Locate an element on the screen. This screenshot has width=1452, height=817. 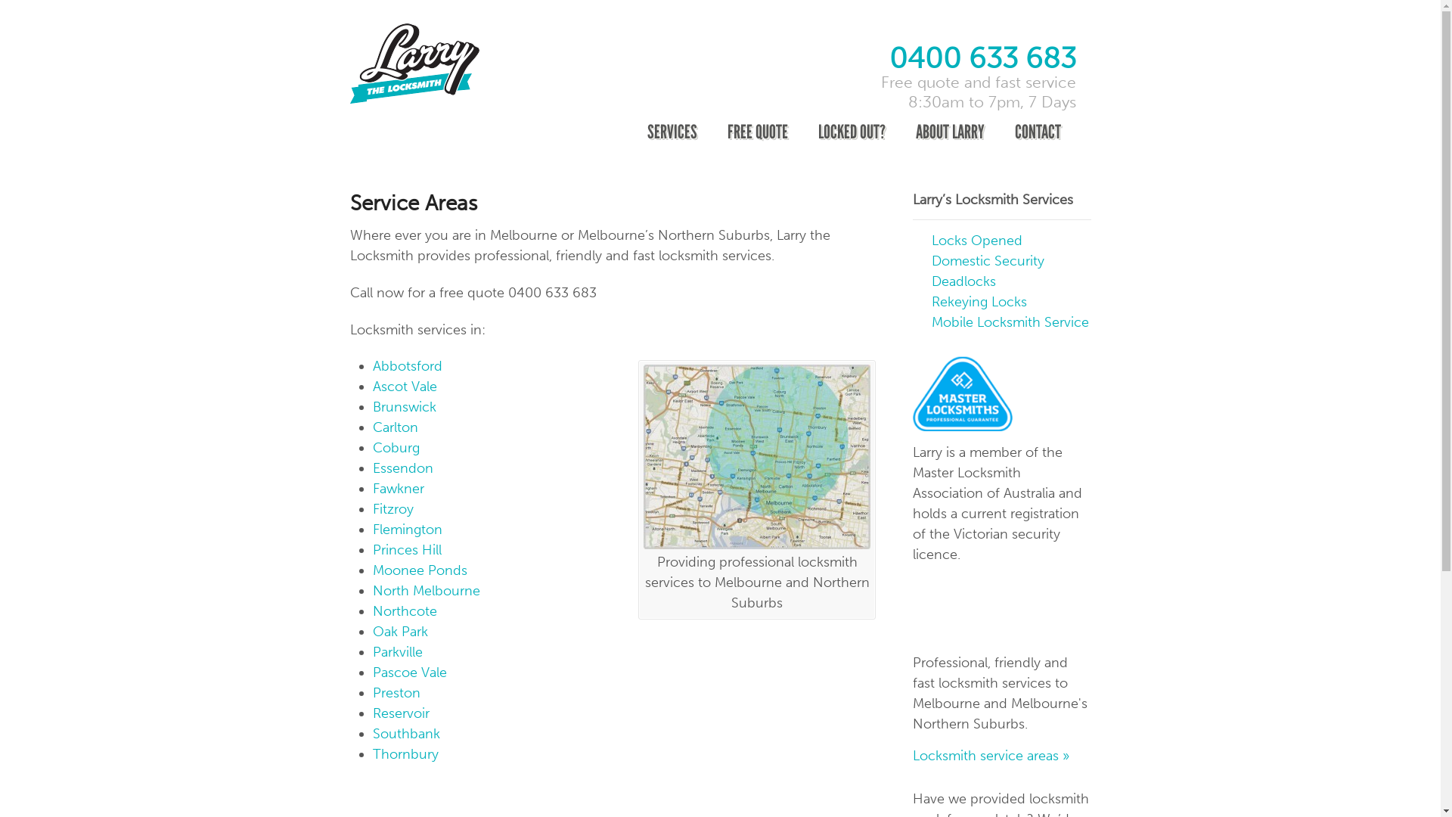
'Oak Park' is located at coordinates (371, 631).